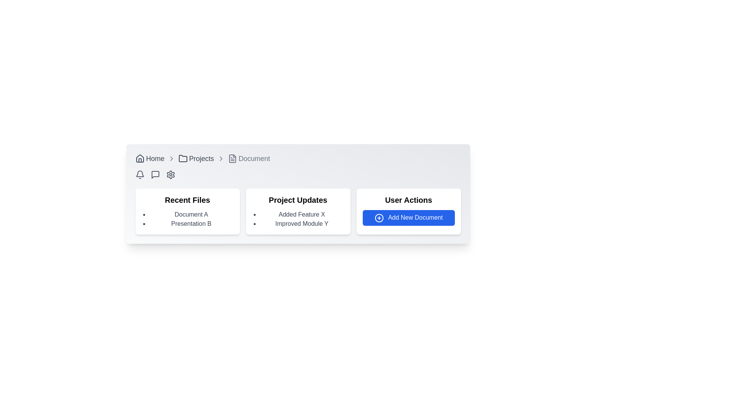 The image size is (737, 414). Describe the element at coordinates (155, 174) in the screenshot. I see `the messaging icon located between the bell icon and the gear icon, near the top-left of the interface` at that location.